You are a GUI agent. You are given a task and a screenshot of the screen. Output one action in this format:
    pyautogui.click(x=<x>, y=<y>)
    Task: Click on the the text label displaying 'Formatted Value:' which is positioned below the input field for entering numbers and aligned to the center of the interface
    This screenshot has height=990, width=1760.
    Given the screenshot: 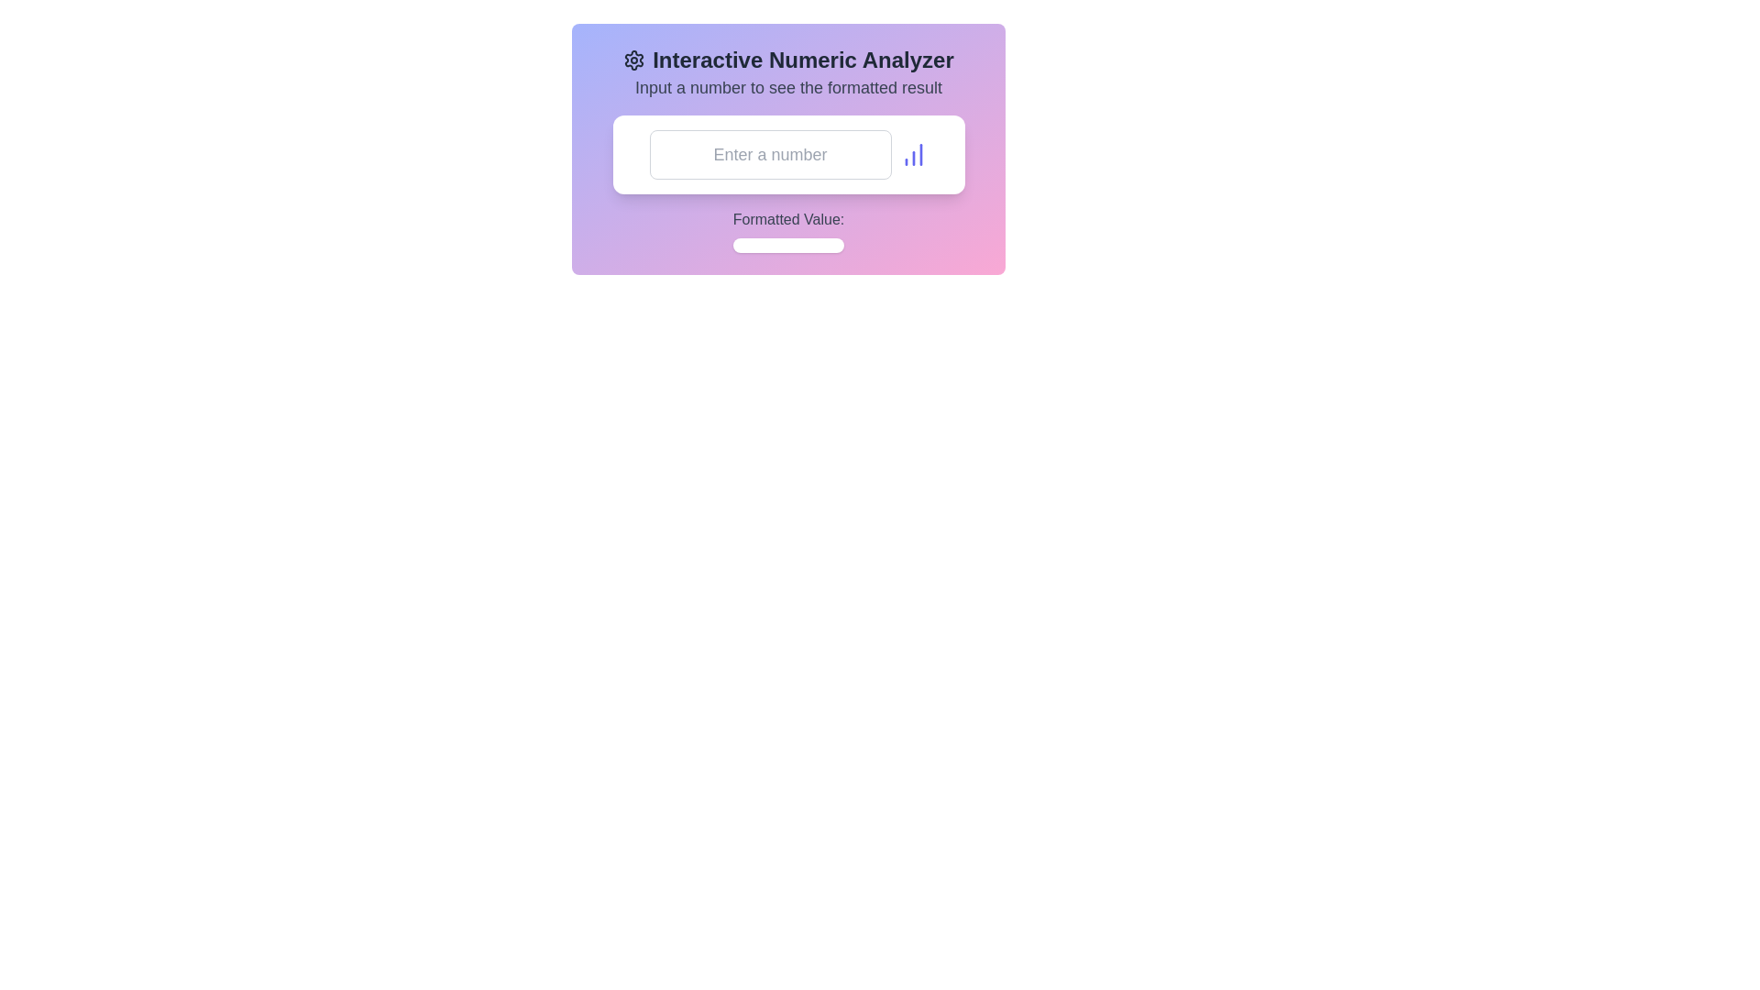 What is the action you would take?
    pyautogui.click(x=788, y=218)
    